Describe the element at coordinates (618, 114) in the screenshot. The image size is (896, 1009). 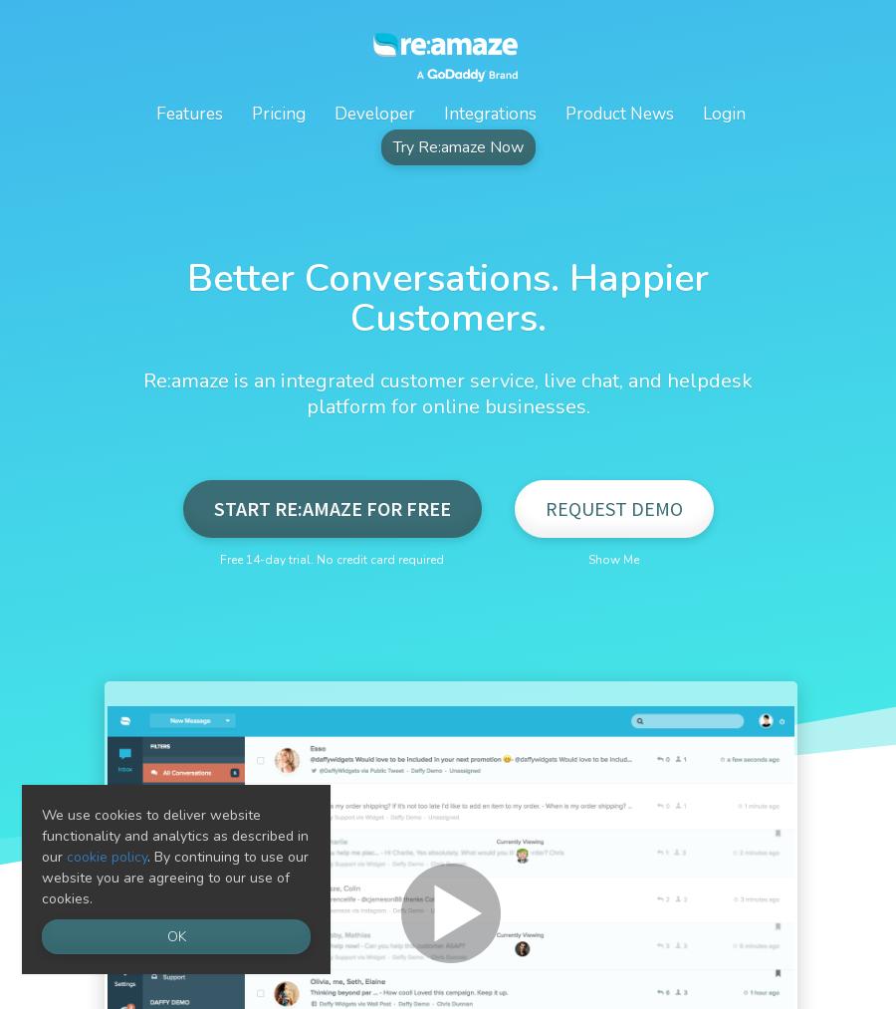
I see `'Product News'` at that location.